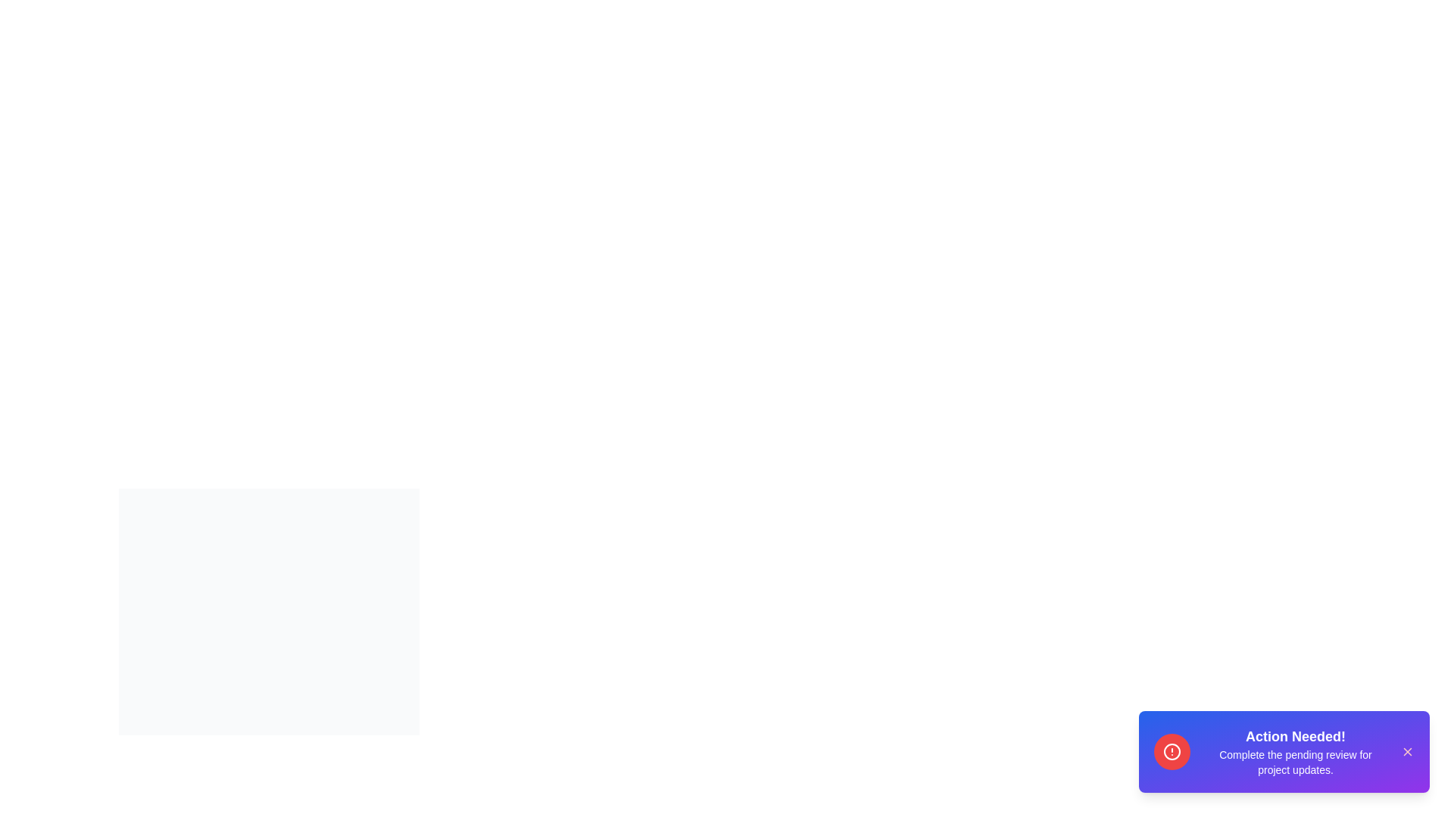  I want to click on close button in the snackbar to hide it, so click(1406, 752).